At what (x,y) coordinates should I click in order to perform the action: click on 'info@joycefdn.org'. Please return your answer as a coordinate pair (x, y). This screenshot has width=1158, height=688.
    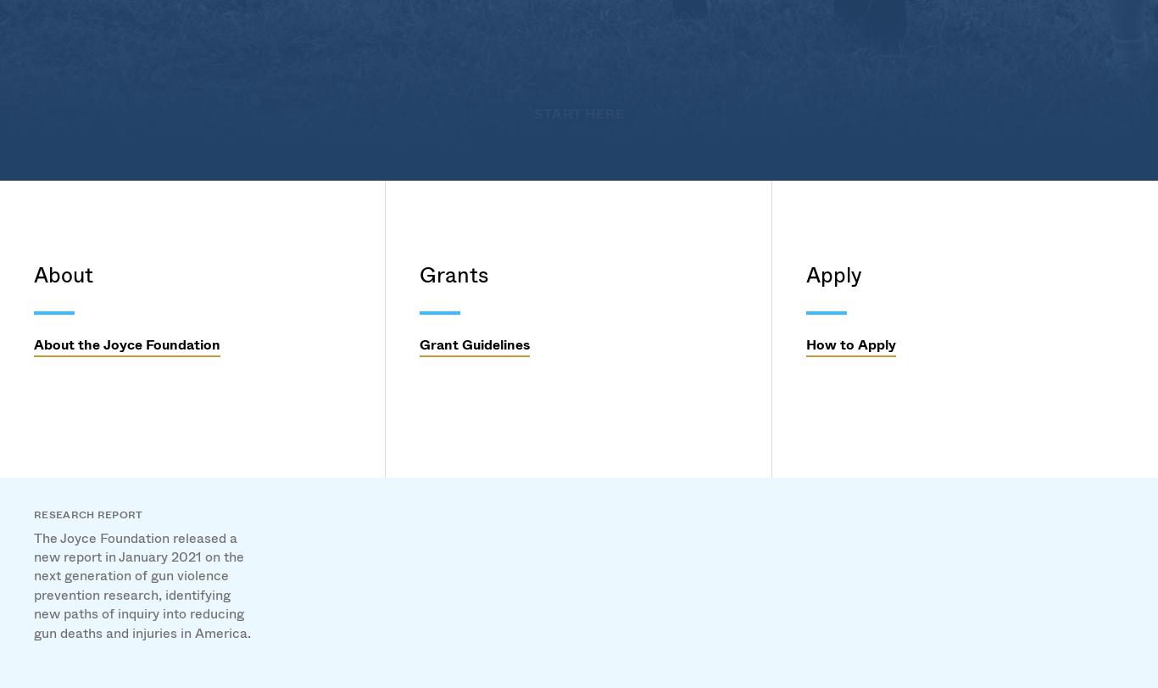
    Looking at the image, I should click on (90, 410).